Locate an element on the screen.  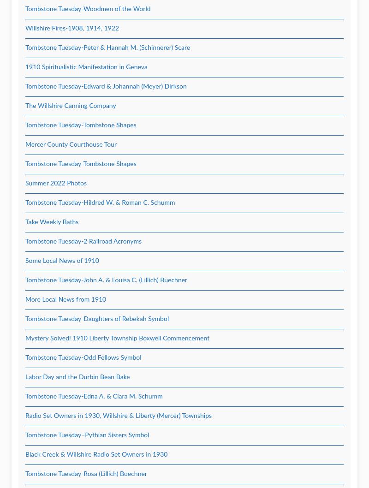
'Mystery Solved! 1910 Liberty Township Boxwell Commencement' is located at coordinates (117, 339).